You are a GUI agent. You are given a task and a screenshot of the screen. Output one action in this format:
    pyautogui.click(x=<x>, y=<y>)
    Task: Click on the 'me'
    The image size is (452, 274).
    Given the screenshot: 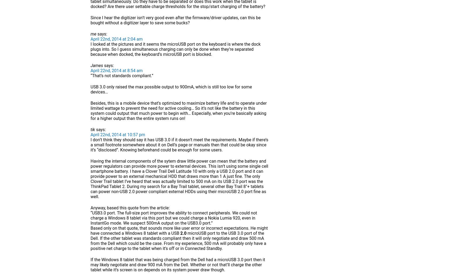 What is the action you would take?
    pyautogui.click(x=90, y=34)
    